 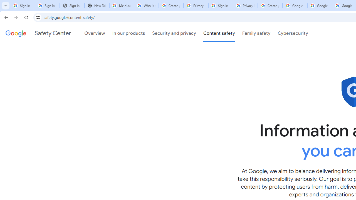 I want to click on 'Family safety', so click(x=256, y=33).